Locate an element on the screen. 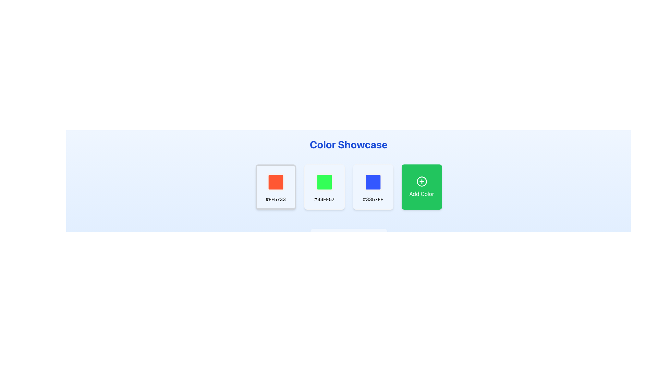 This screenshot has height=370, width=658. the circular outline icon within the green 'Add Color' button, which features a white border and a '+' sign in the center is located at coordinates (421, 181).